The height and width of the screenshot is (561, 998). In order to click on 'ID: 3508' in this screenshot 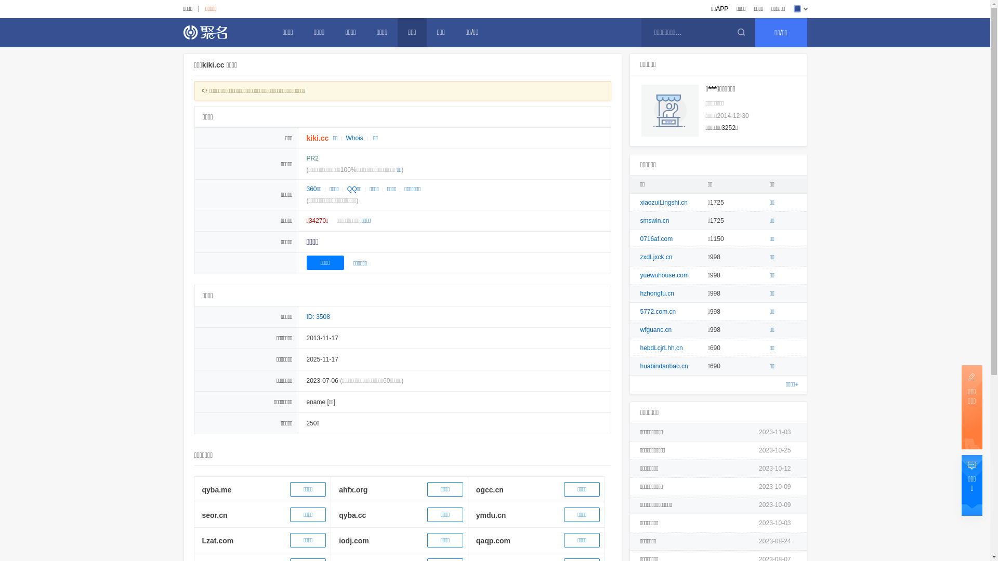, I will do `click(318, 316)`.